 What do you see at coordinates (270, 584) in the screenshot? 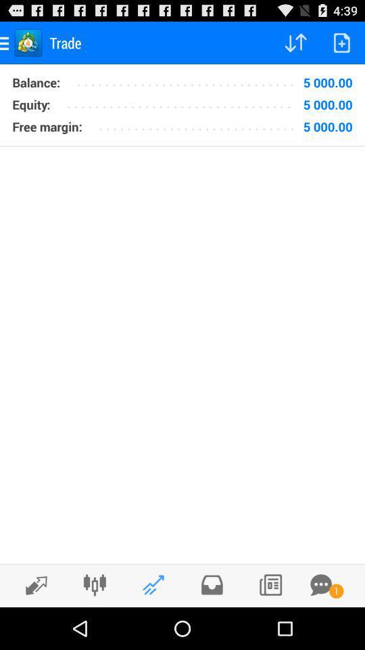
I see `news` at bounding box center [270, 584].